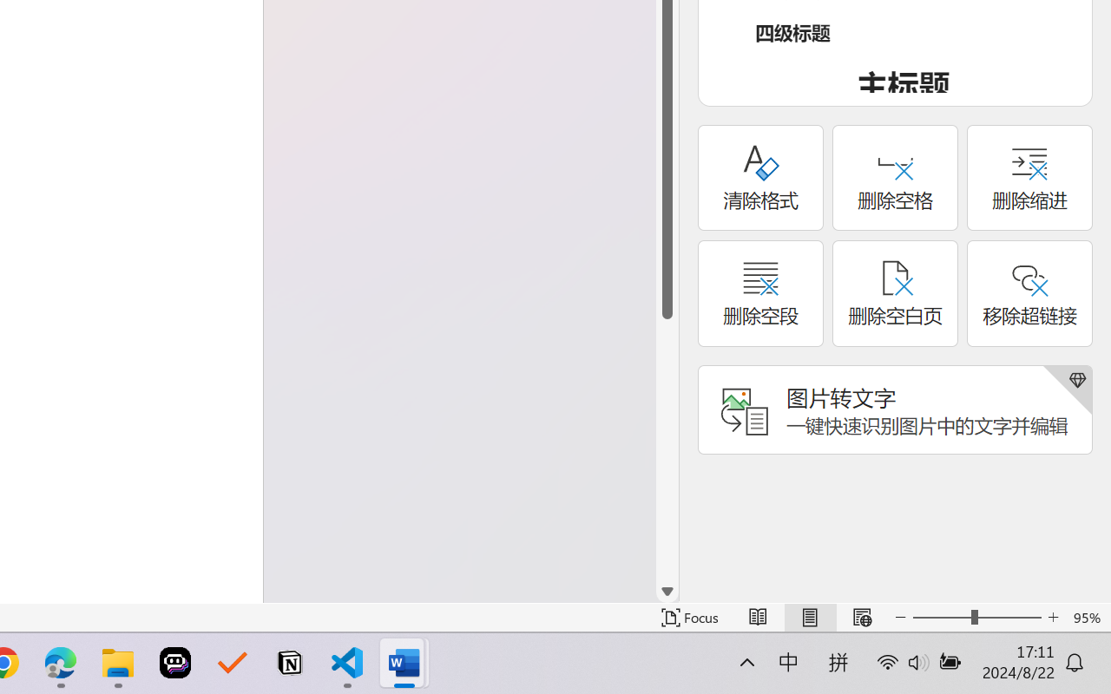 This screenshot has height=694, width=1111. Describe the element at coordinates (1087, 617) in the screenshot. I see `'Zoom 95%'` at that location.